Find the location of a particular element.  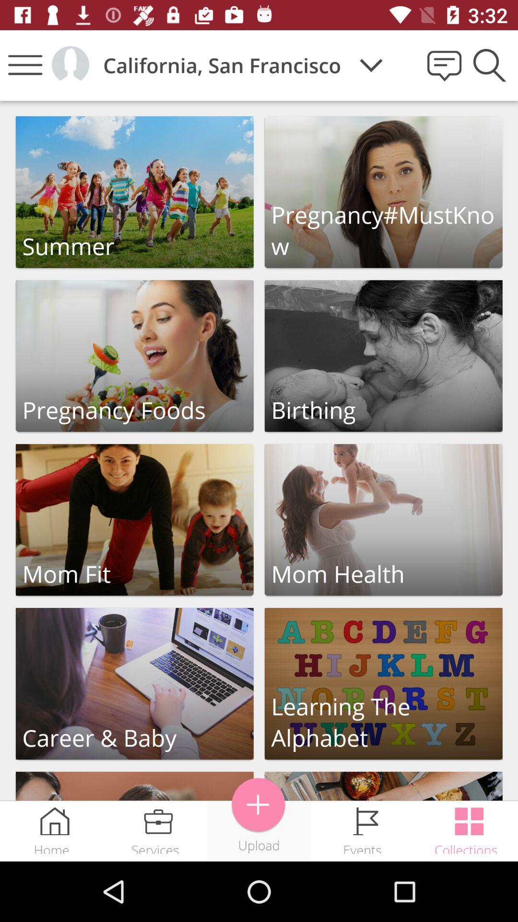

learning the alphabet is located at coordinates (383, 683).